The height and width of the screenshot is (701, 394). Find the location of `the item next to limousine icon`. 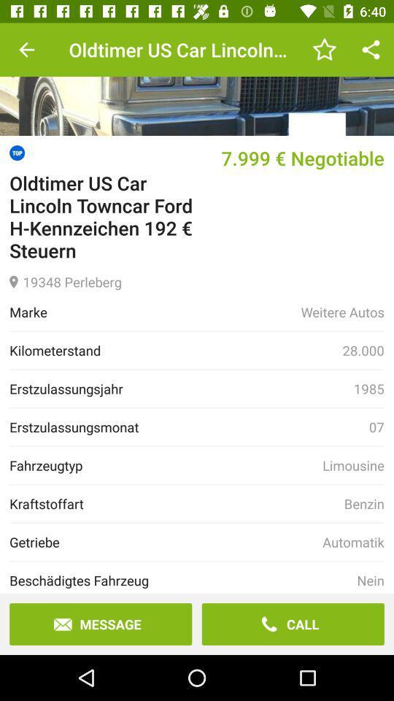

the item next to limousine icon is located at coordinates (165, 464).